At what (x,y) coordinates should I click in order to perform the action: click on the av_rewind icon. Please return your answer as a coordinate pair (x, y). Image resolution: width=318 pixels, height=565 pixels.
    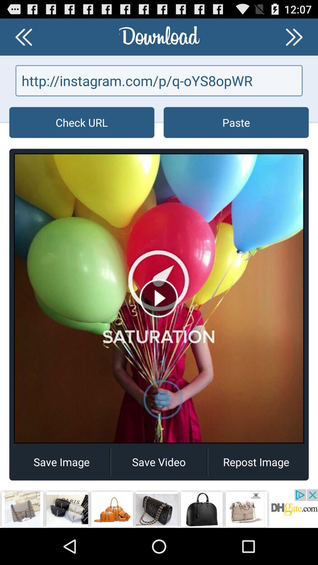
    Looking at the image, I should click on (23, 39).